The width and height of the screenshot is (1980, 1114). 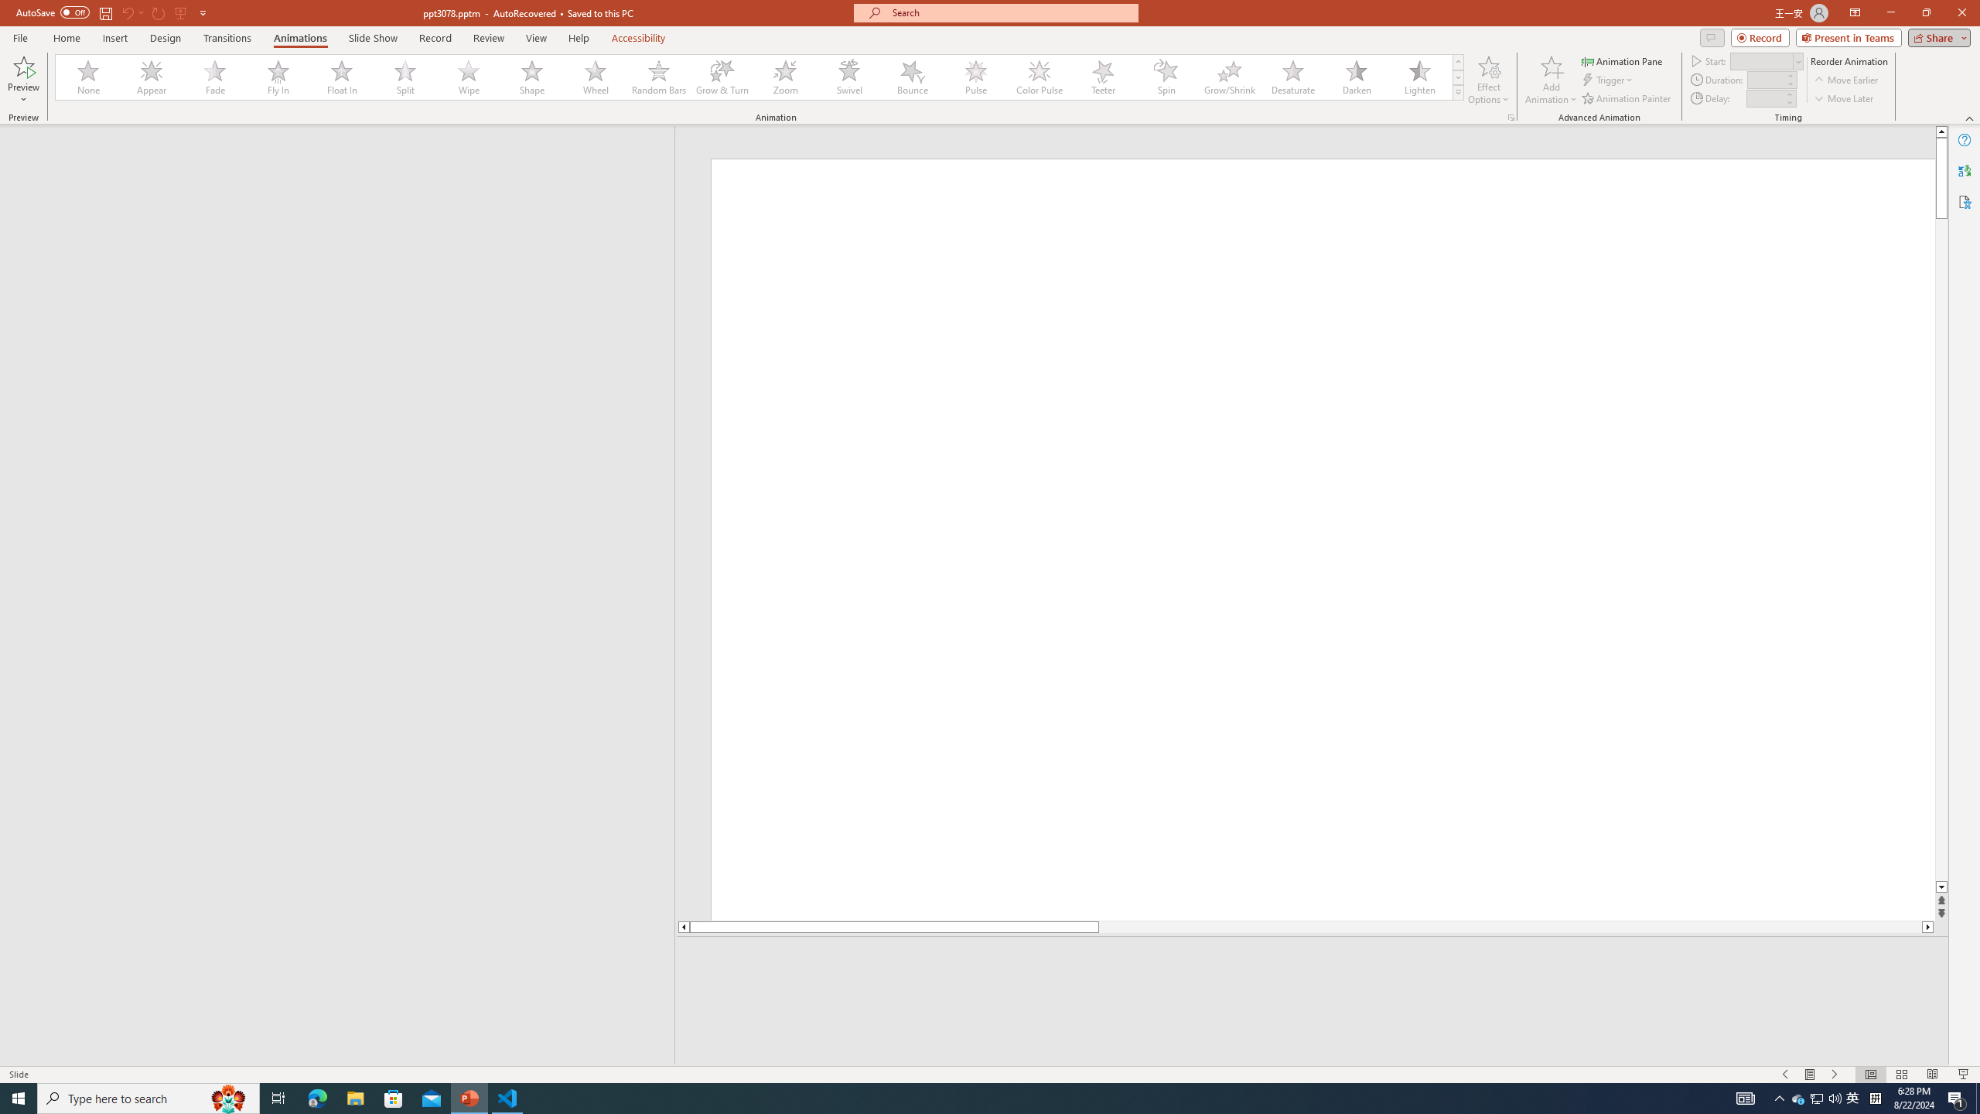 I want to click on 'Wheel', so click(x=596, y=77).